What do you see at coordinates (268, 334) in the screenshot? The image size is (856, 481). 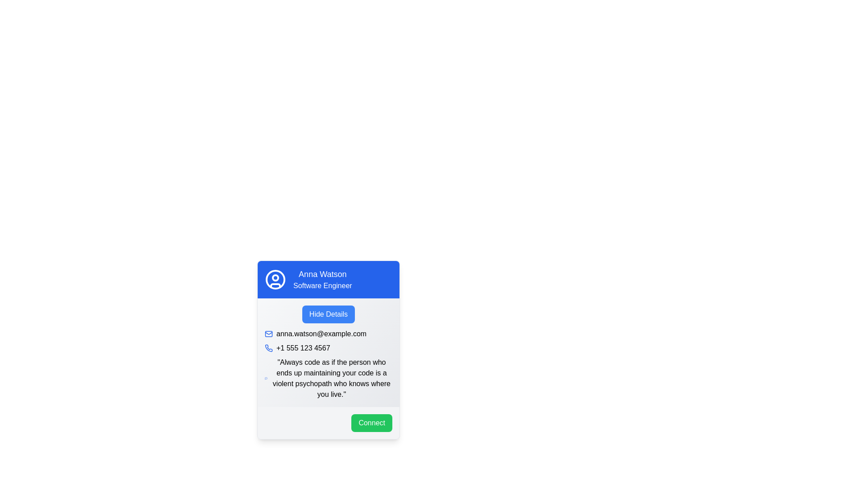 I see `the email icon located to the left of the 'anna.watson@example.com' text in the contact card` at bounding box center [268, 334].